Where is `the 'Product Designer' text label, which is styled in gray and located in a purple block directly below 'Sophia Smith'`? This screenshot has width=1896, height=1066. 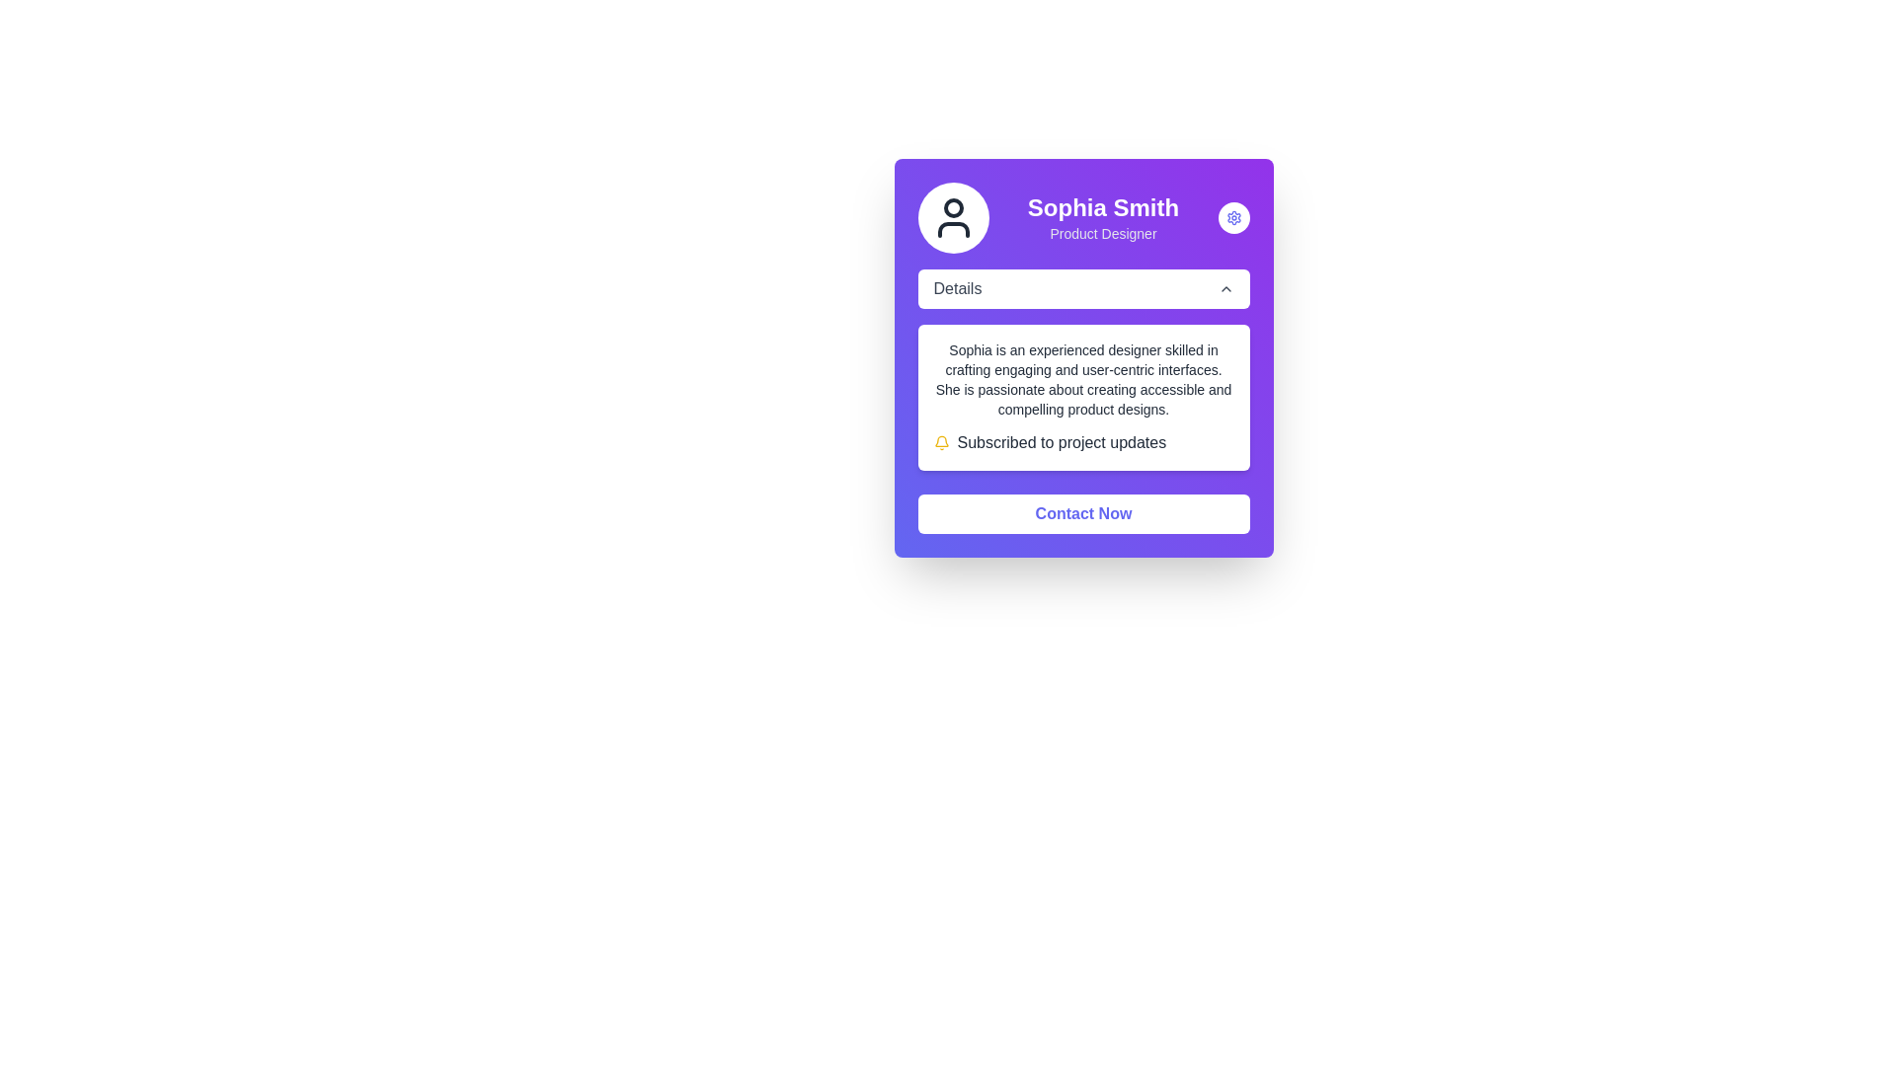
the 'Product Designer' text label, which is styled in gray and located in a purple block directly below 'Sophia Smith' is located at coordinates (1102, 232).